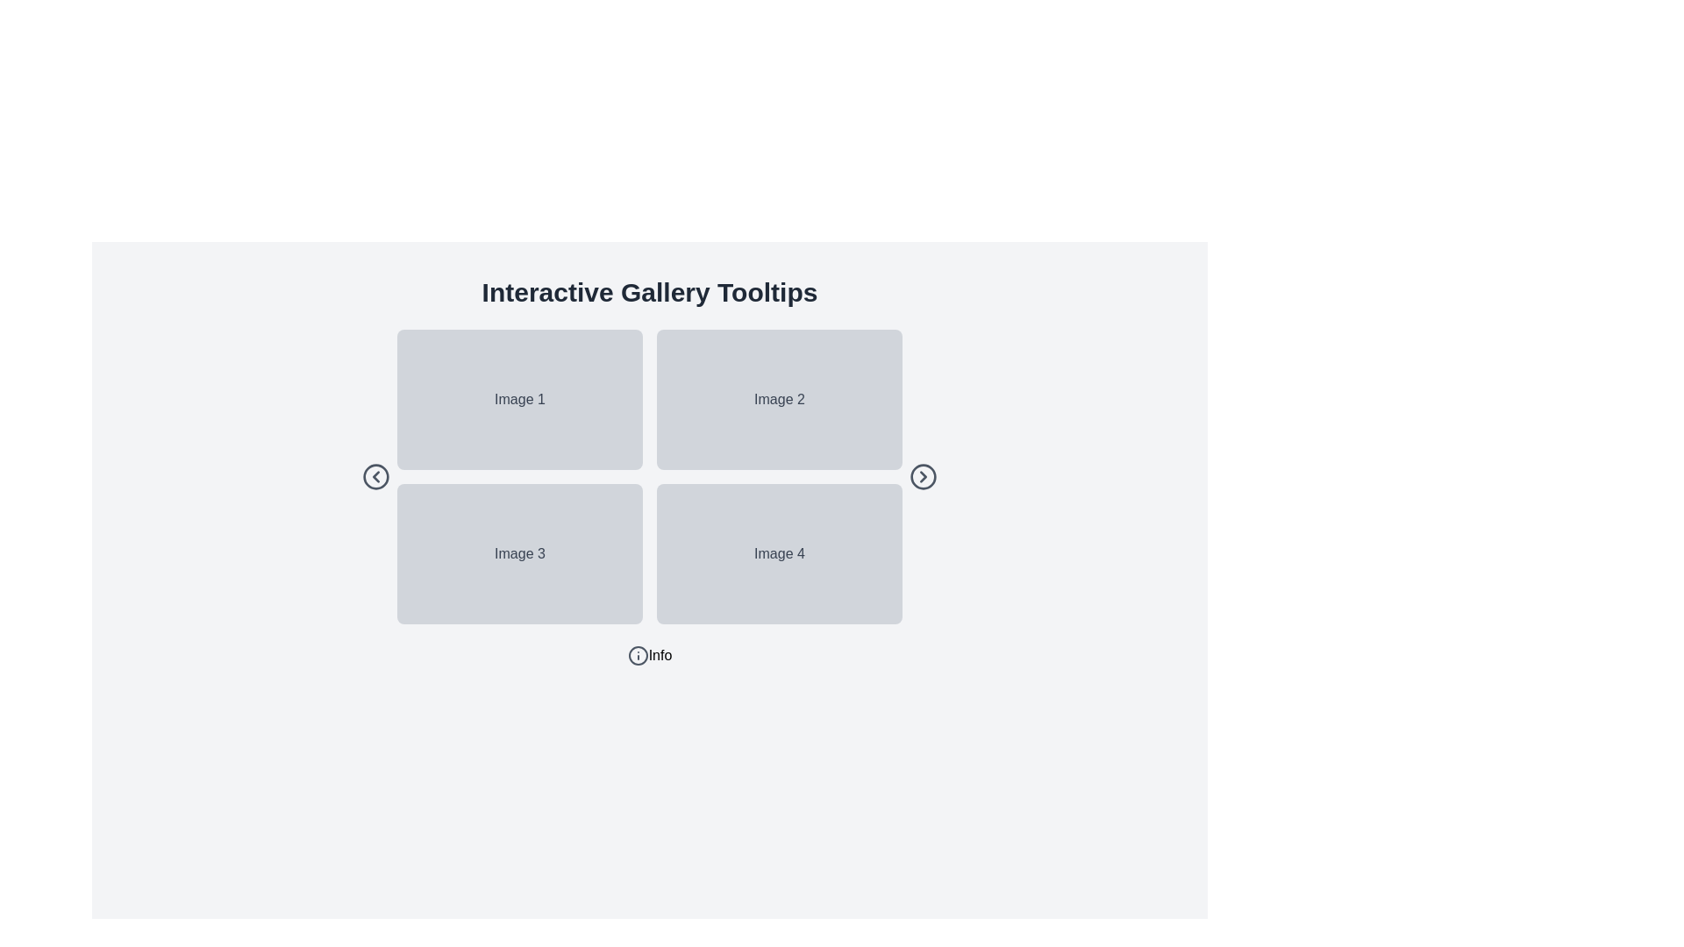 Image resolution: width=1684 pixels, height=947 pixels. Describe the element at coordinates (637, 656) in the screenshot. I see `the informational icon located below the grid of four images and above the 'Info' text, which is centrally aligned between the grid and the text` at that location.